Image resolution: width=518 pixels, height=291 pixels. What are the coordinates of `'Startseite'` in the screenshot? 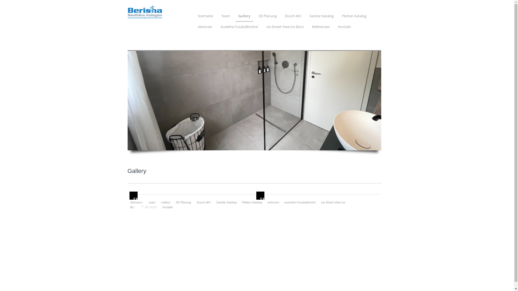 It's located at (205, 17).